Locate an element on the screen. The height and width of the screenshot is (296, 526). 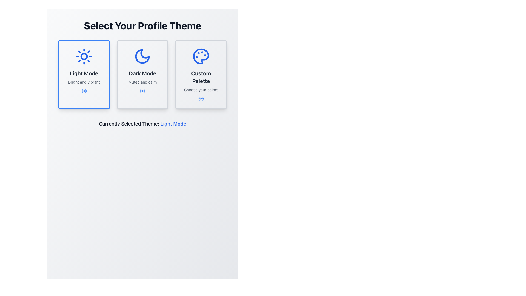
Light Mode indicator icon located below the text 'Bright and vibrant' in the Light Mode card is located at coordinates (84, 90).